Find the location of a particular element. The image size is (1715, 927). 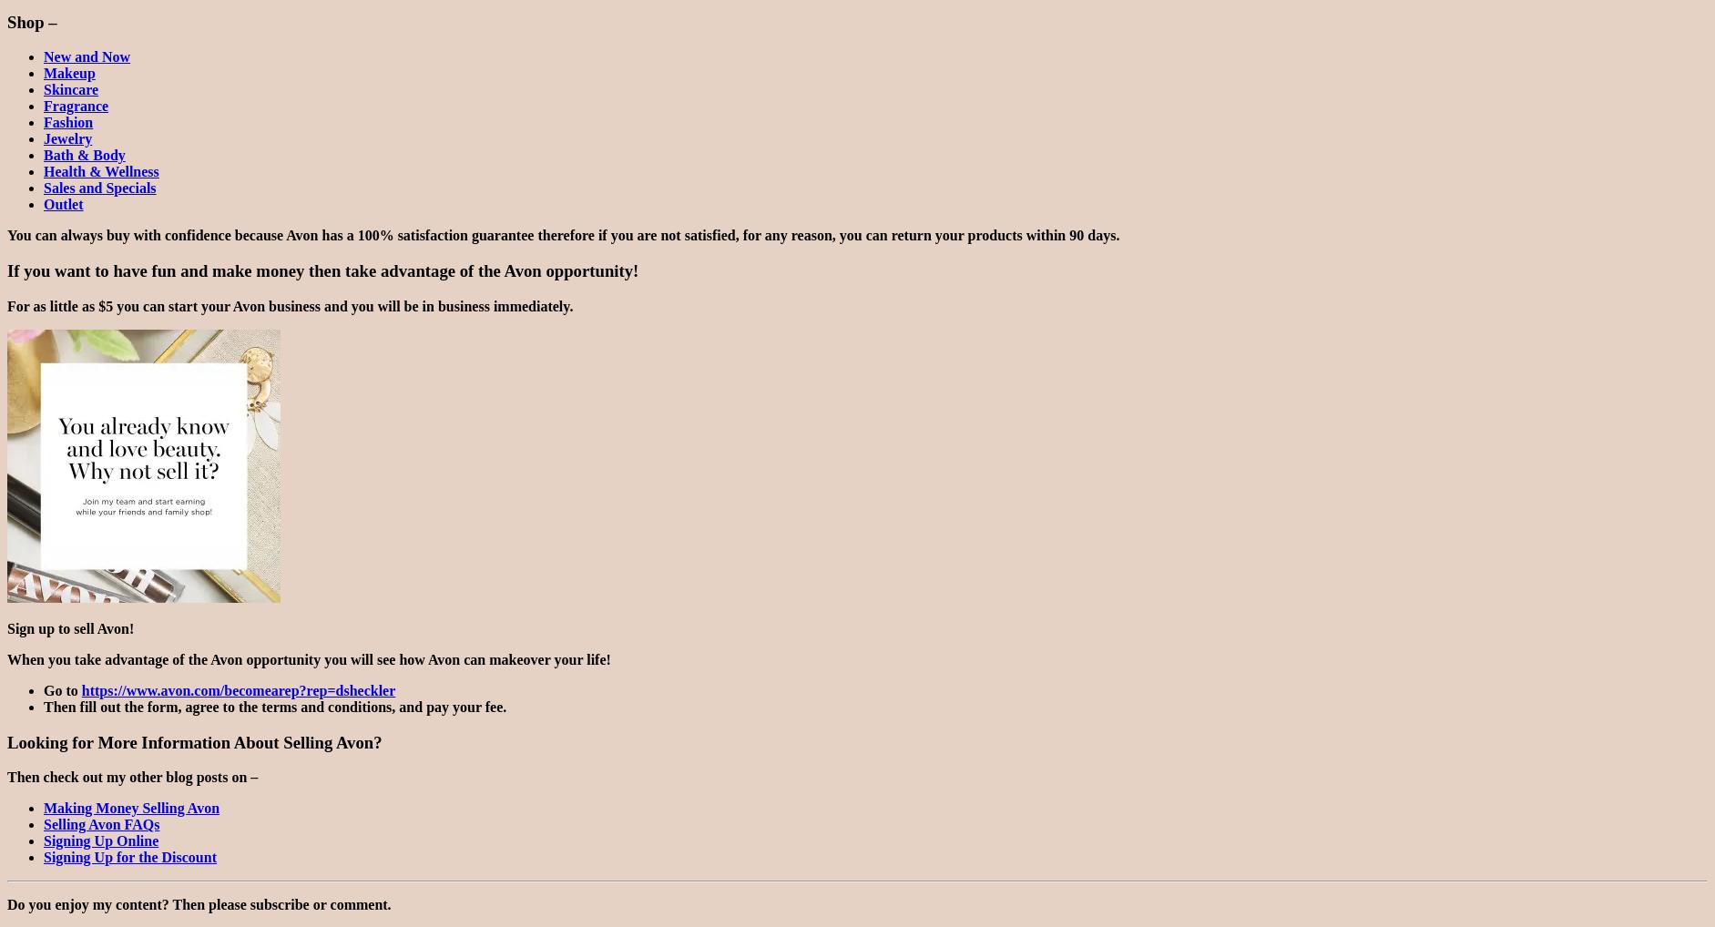

'Signing Up Online' is located at coordinates (99, 840).